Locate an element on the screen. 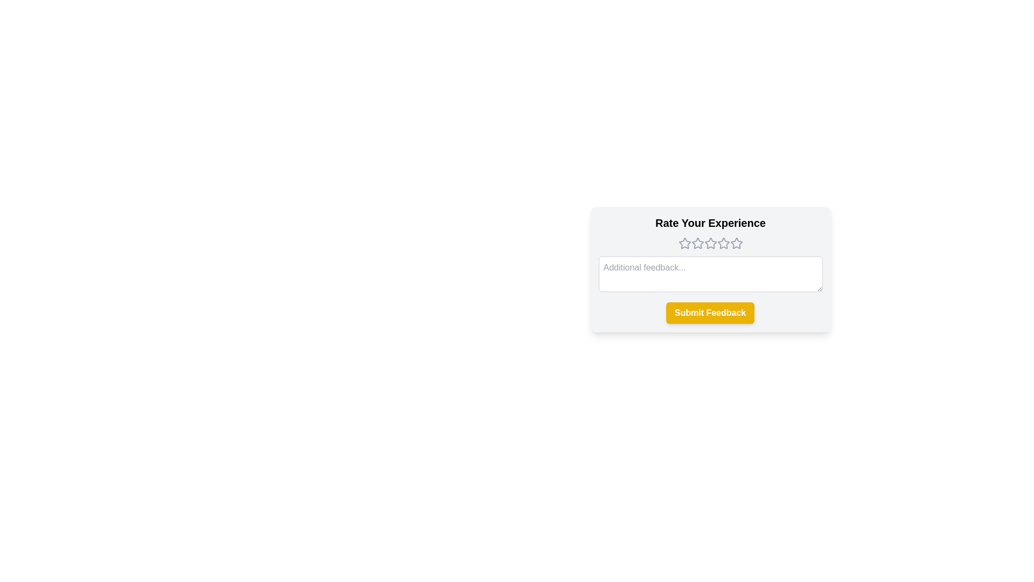 The image size is (1034, 582). on the second star icon in the rating component, which is styled in light gray and indicates an unselected state is located at coordinates (710, 243).